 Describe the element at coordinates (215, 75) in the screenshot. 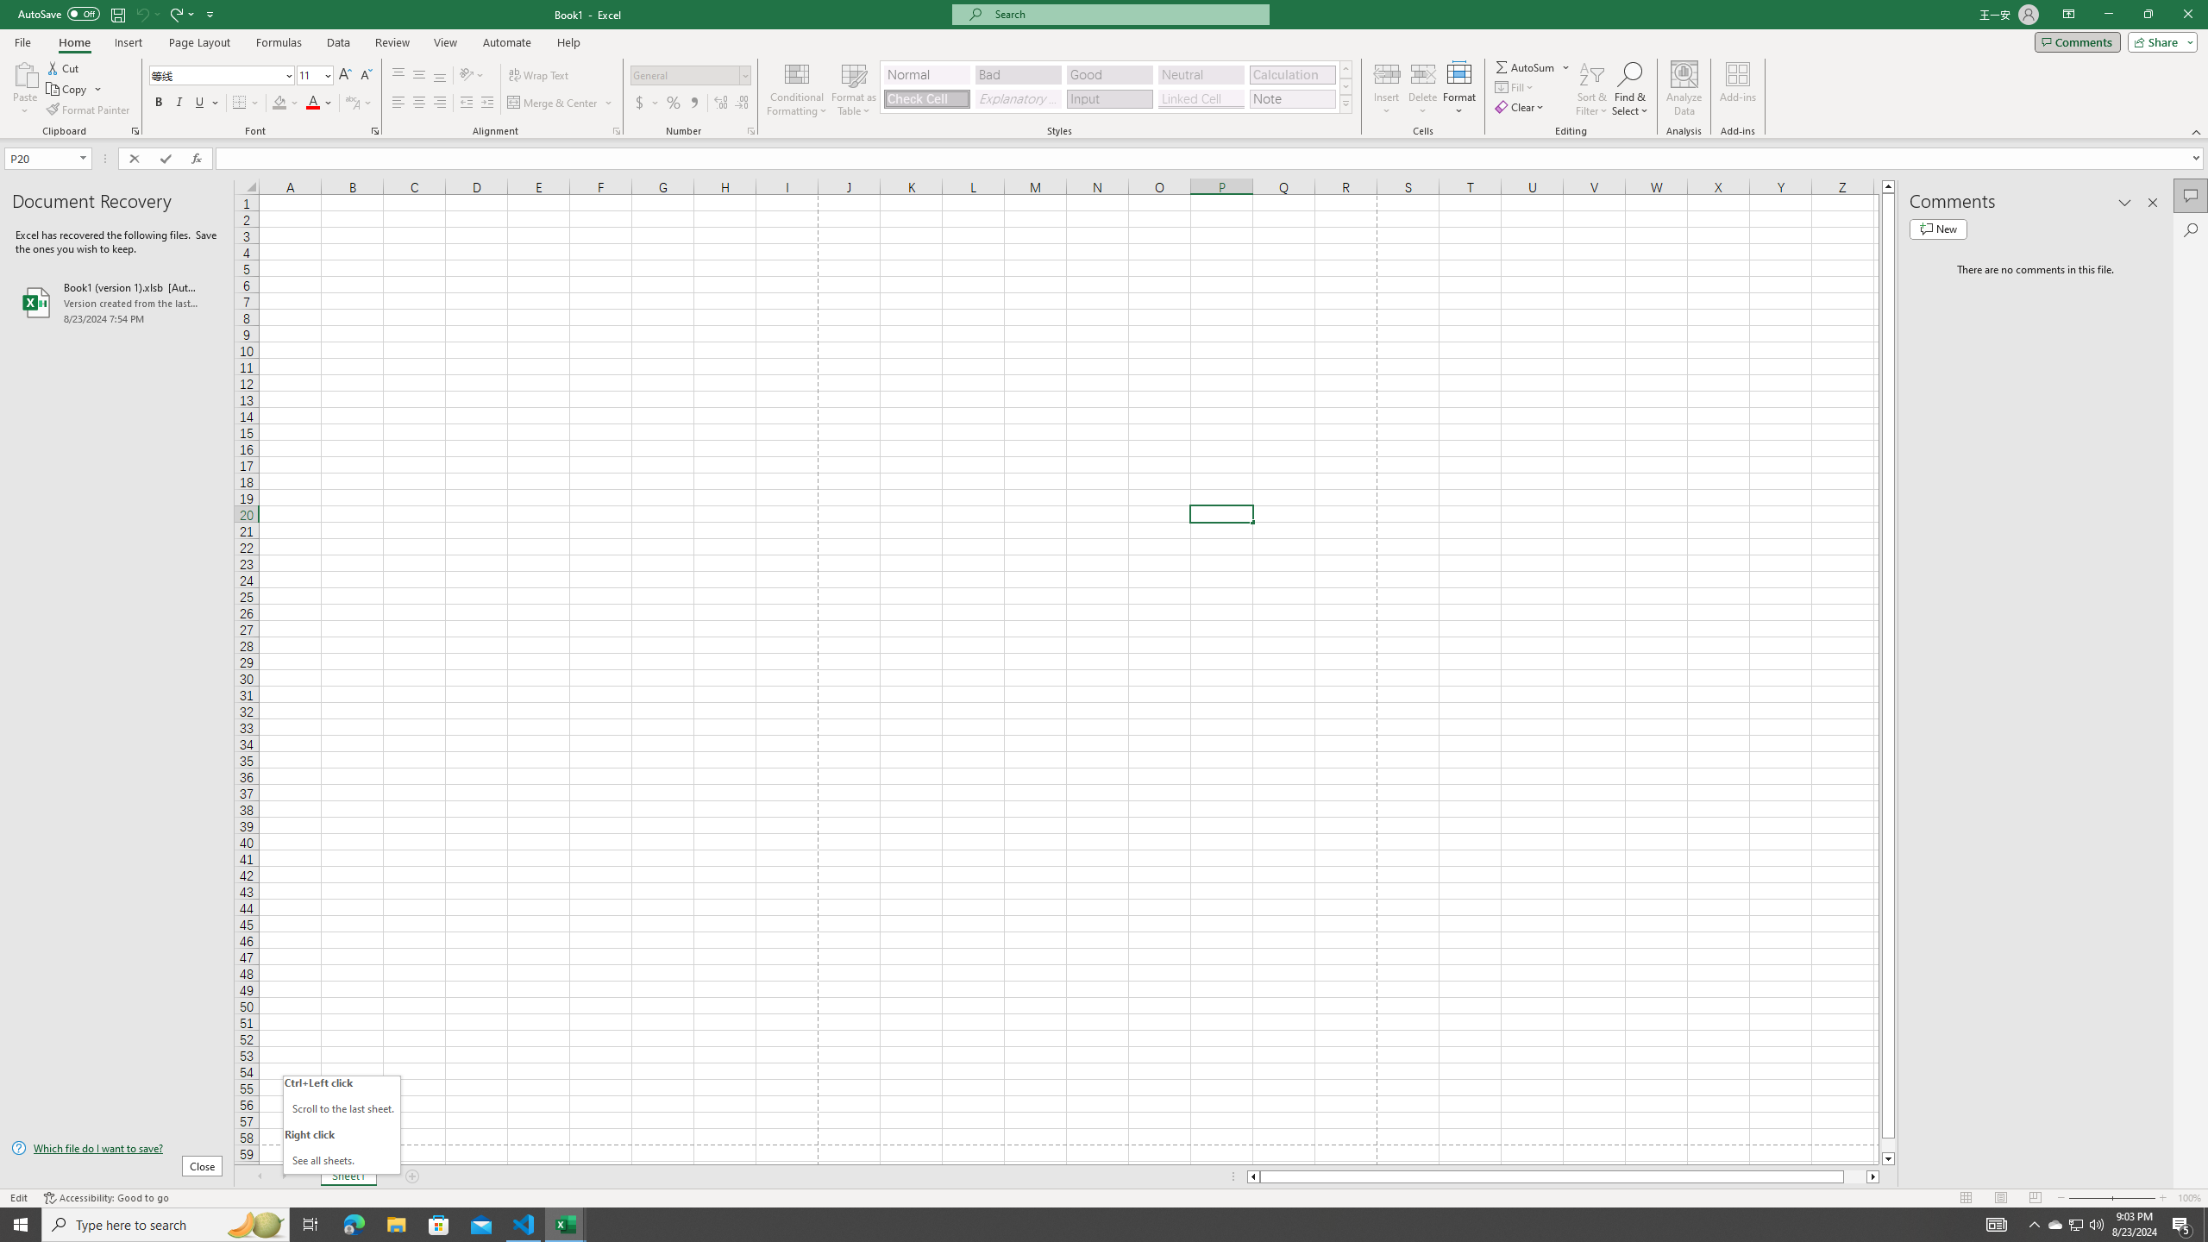

I see `'Font'` at that location.